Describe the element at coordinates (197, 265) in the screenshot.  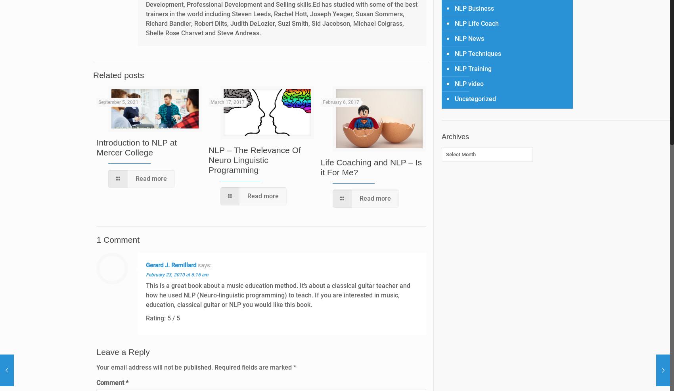
I see `'says:'` at that location.